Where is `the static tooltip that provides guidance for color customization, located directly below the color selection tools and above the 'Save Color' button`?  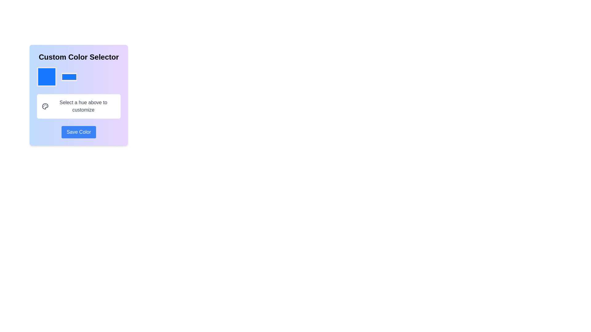
the static tooltip that provides guidance for color customization, located directly below the color selection tools and above the 'Save Color' button is located at coordinates (78, 106).